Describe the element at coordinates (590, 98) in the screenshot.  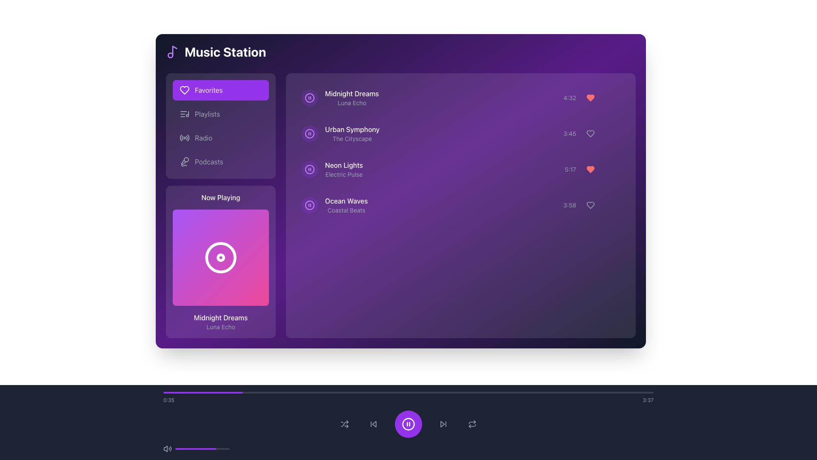
I see `the first heart-shaped icon on the right side of the song list, associated with the song 'Midnight Dreams'` at that location.